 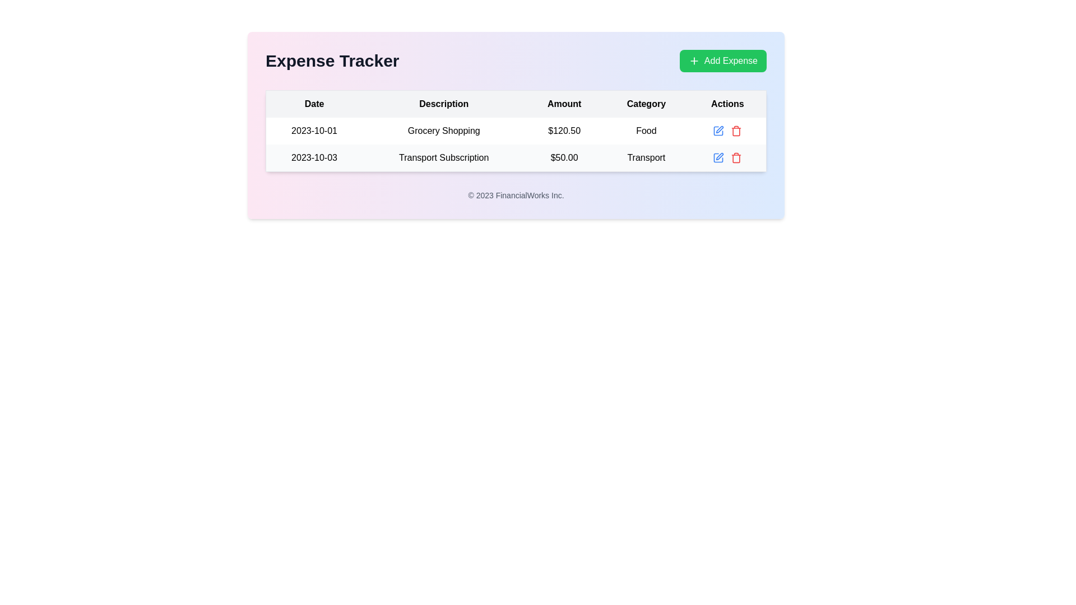 I want to click on the non-editable text box displaying the date '2023-10-01' under the 'Date' column in the table layout, so click(x=314, y=131).